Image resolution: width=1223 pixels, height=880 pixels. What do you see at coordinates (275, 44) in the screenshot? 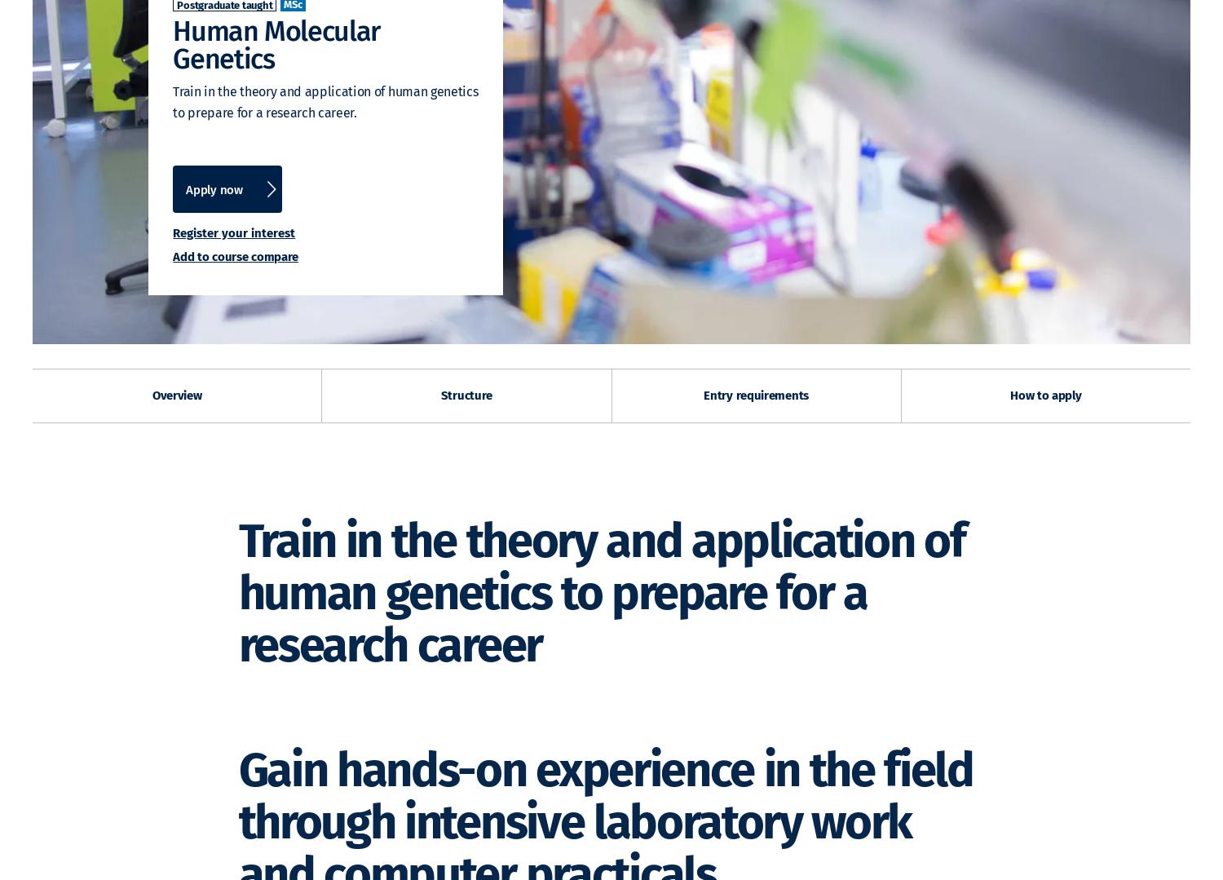
I see `'Human Molecular Genetics'` at bounding box center [275, 44].